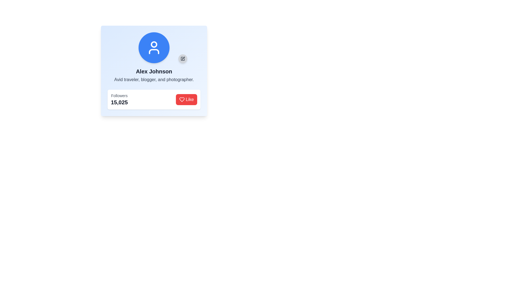 This screenshot has width=531, height=298. What do you see at coordinates (154, 47) in the screenshot?
I see `the profile image icon representing the account of 'Alex Johnson', which is centered above the username` at bounding box center [154, 47].